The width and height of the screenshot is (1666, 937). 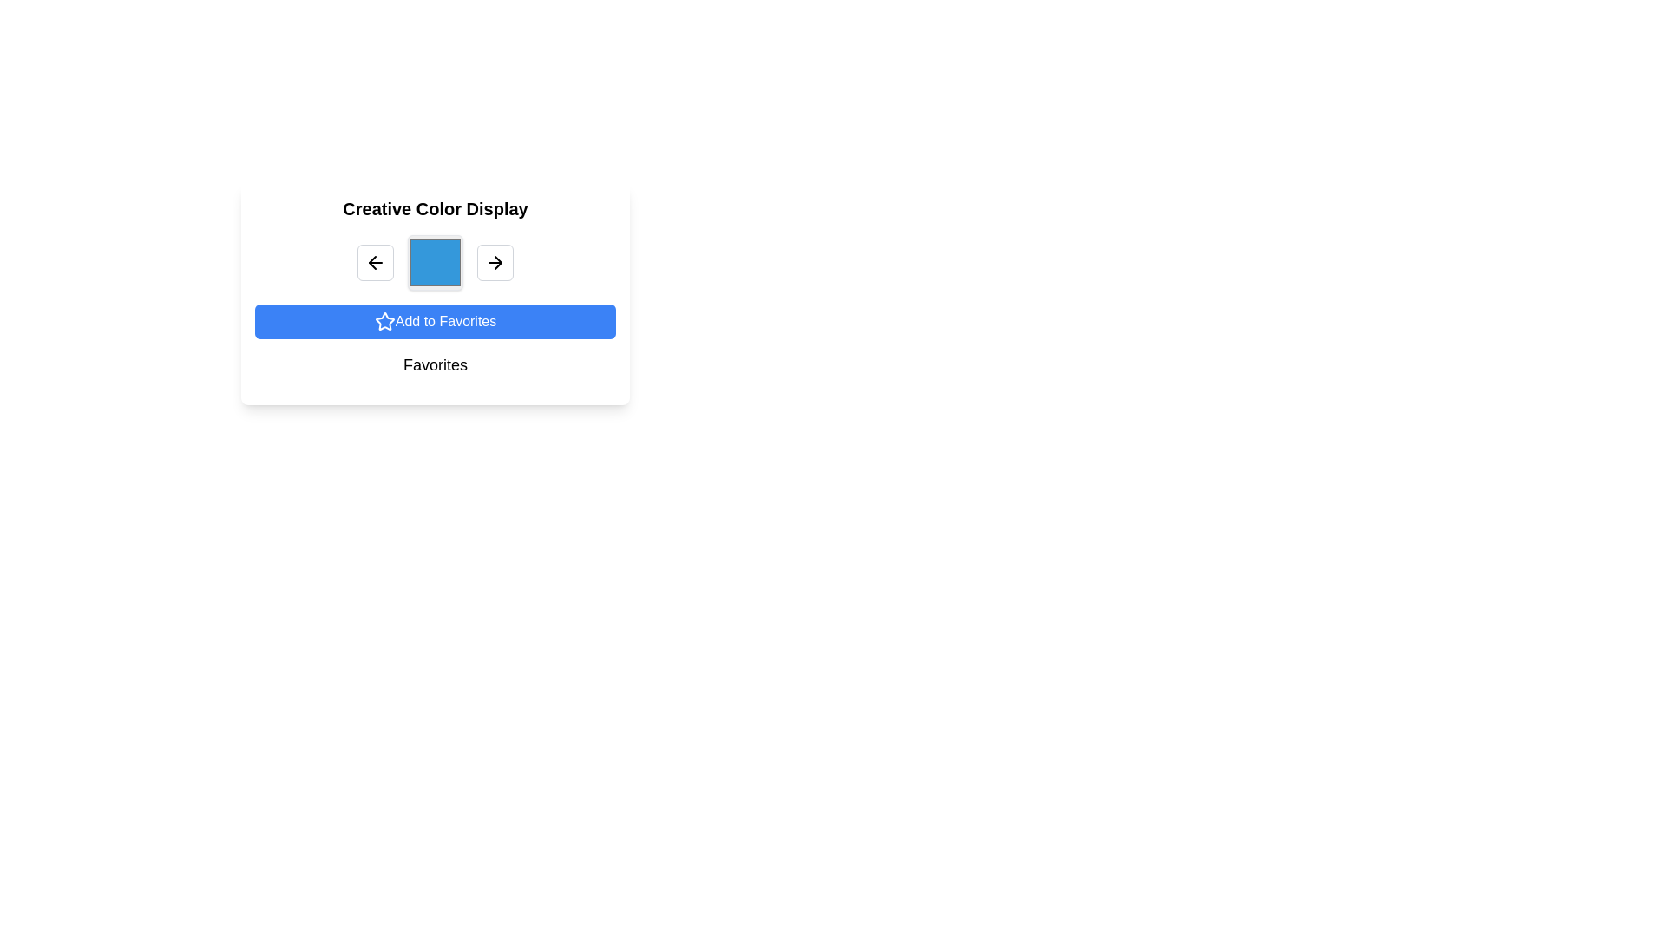 I want to click on the left arrow icon used for back navigation located to the left of the square blue color indicator beneath the text 'Creative Color Display', so click(x=371, y=263).